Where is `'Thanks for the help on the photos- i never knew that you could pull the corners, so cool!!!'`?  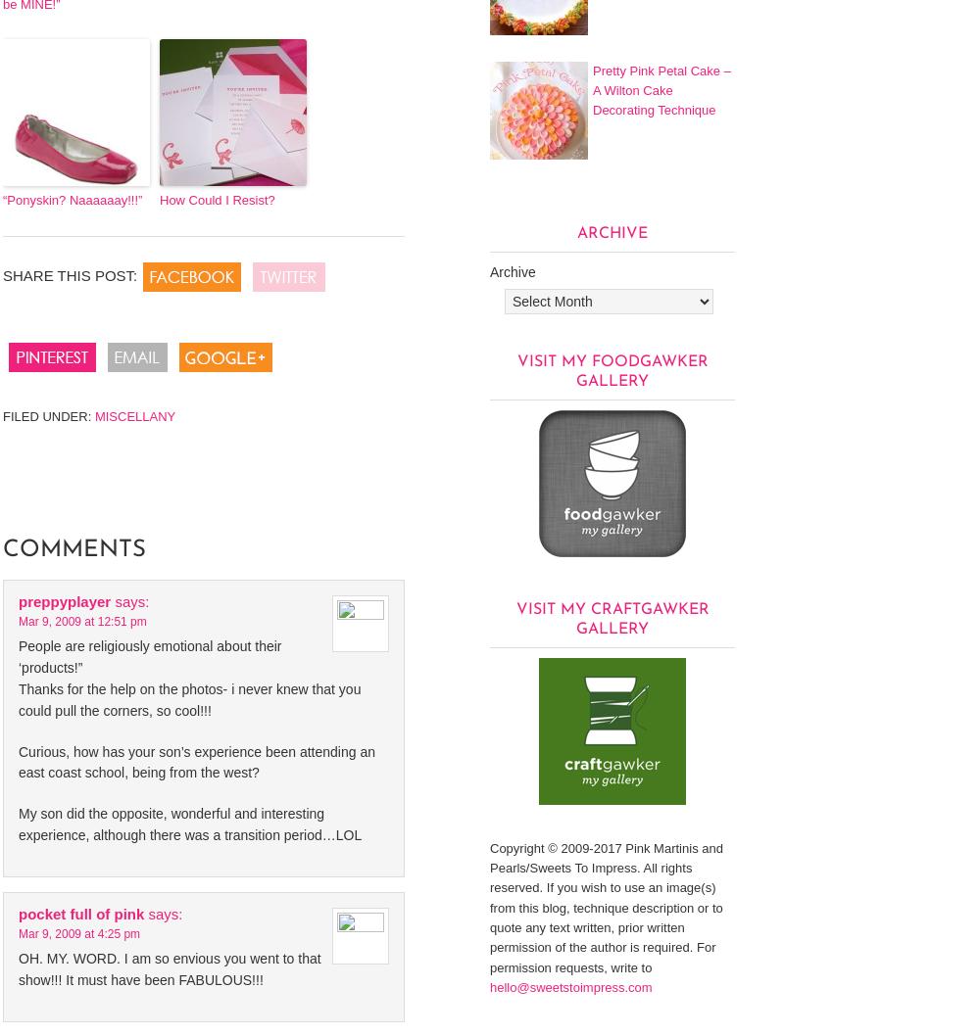
'Thanks for the help on the photos- i never knew that you could pull the corners, so cool!!!' is located at coordinates (188, 699).